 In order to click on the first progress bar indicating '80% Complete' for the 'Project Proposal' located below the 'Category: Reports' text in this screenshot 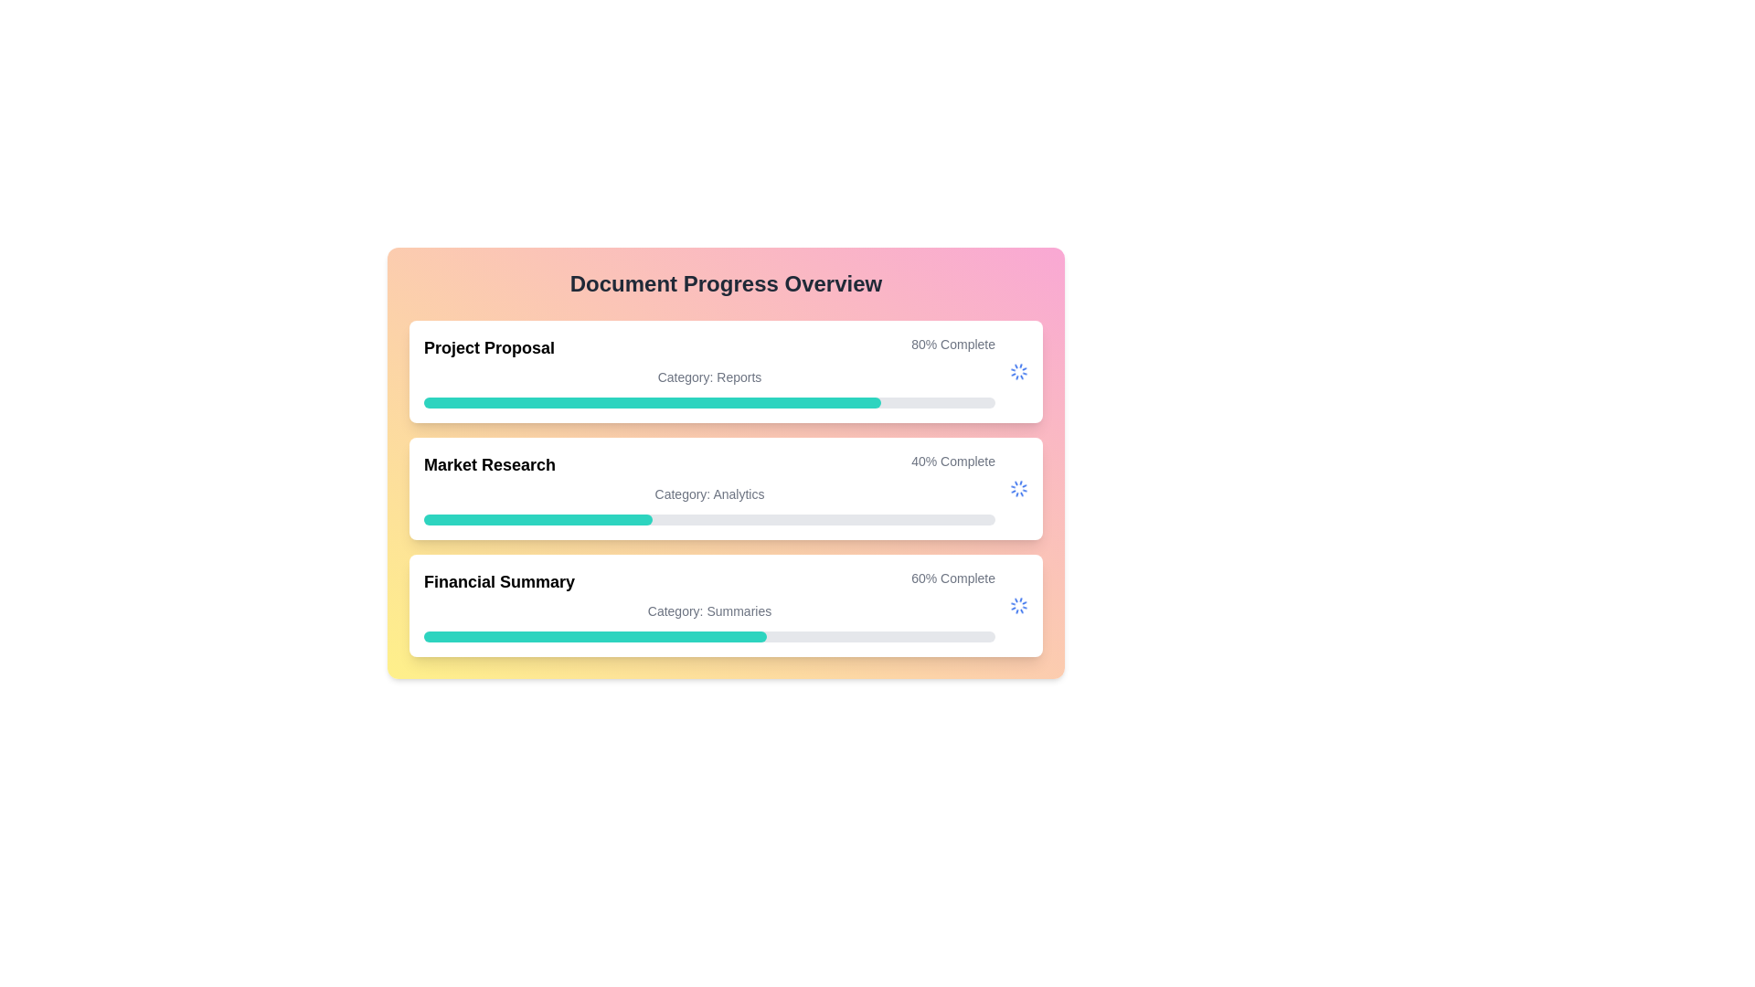, I will do `click(708, 401)`.